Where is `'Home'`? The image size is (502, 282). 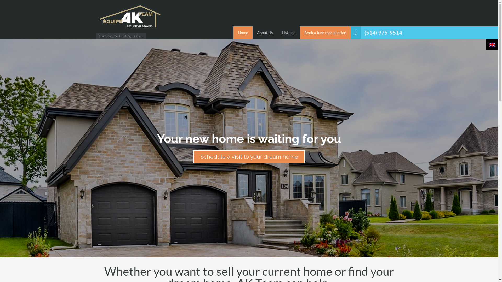 'Home' is located at coordinates (233, 32).